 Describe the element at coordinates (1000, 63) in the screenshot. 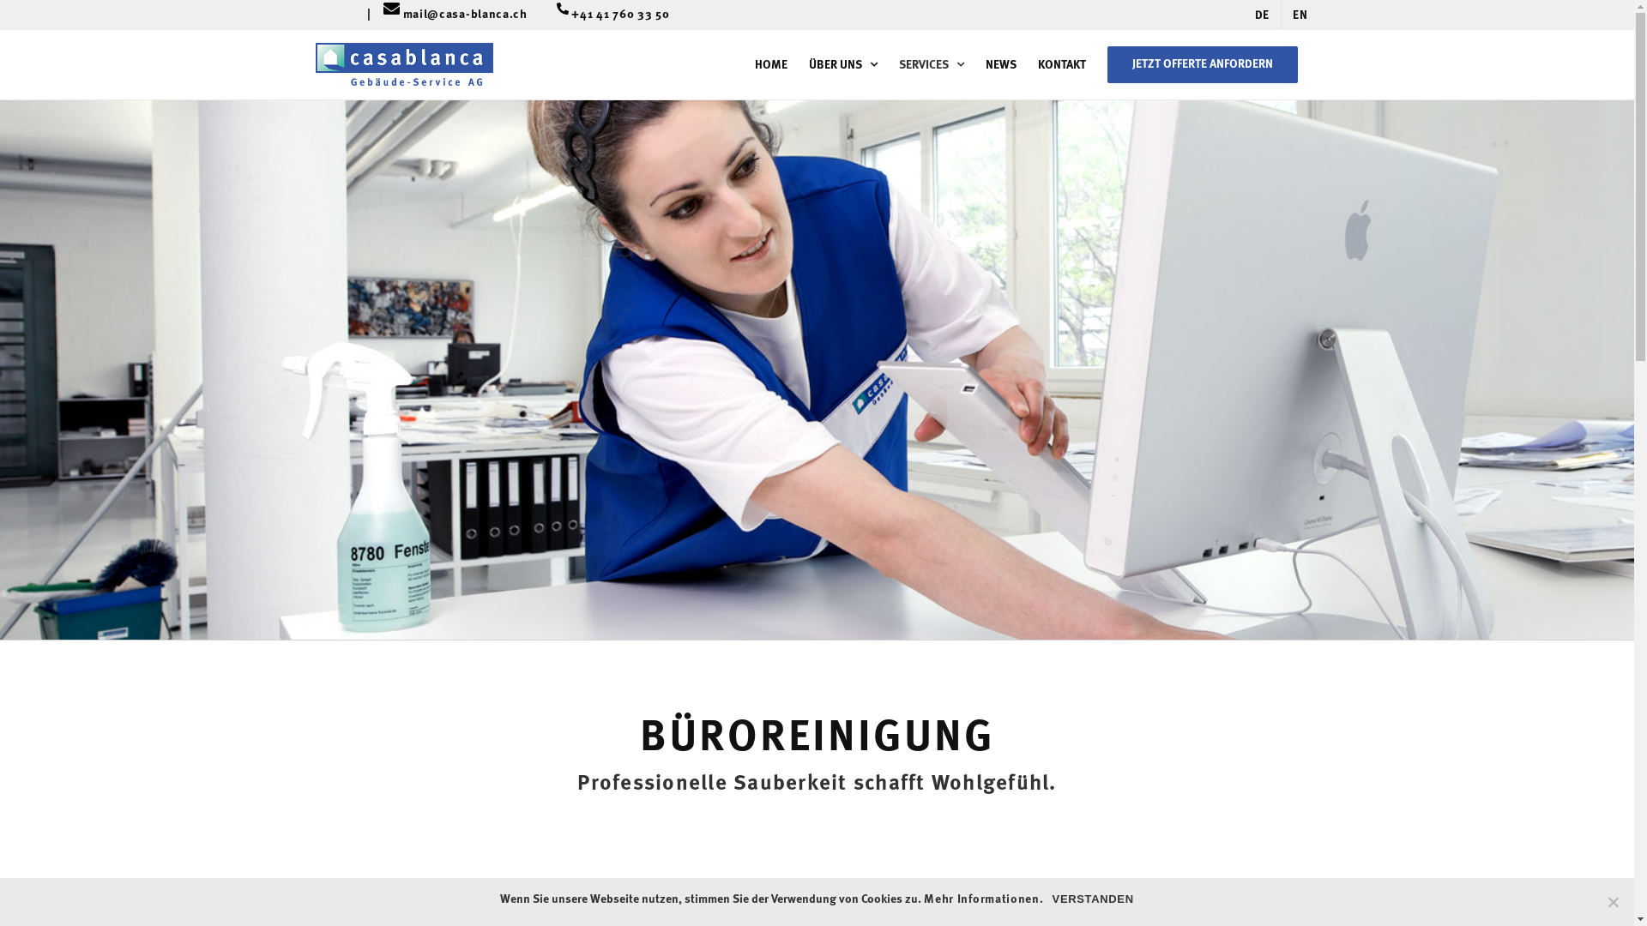

I see `'NEWS'` at that location.